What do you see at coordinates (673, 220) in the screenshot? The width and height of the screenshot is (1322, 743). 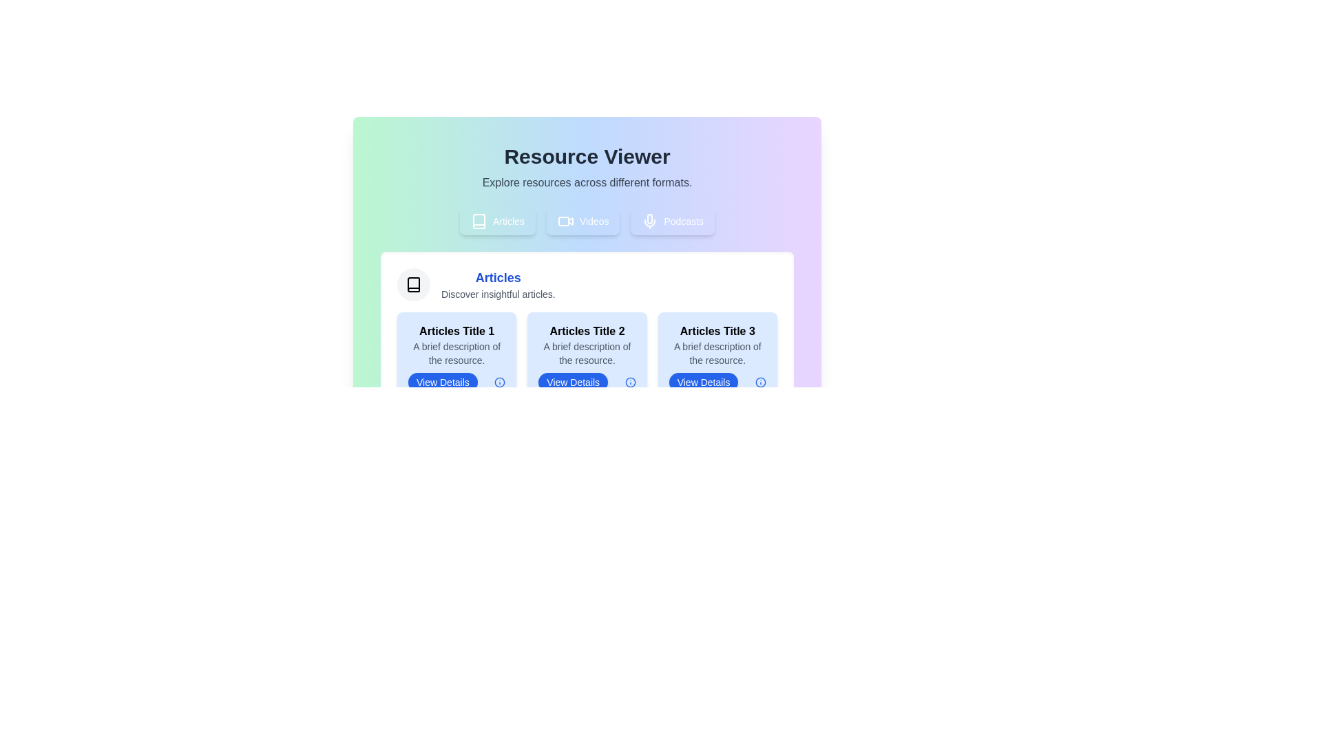 I see `the 'Podcasts' button` at bounding box center [673, 220].